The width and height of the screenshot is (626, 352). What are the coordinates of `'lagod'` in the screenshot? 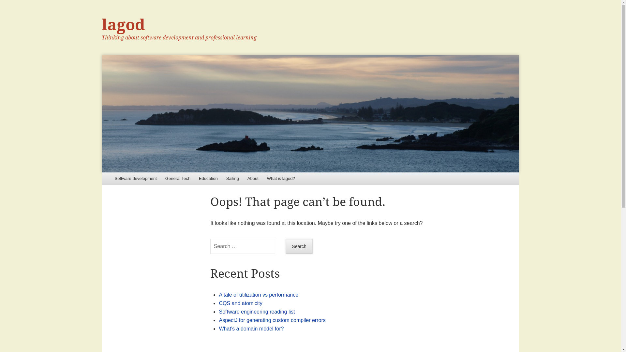 It's located at (123, 24).